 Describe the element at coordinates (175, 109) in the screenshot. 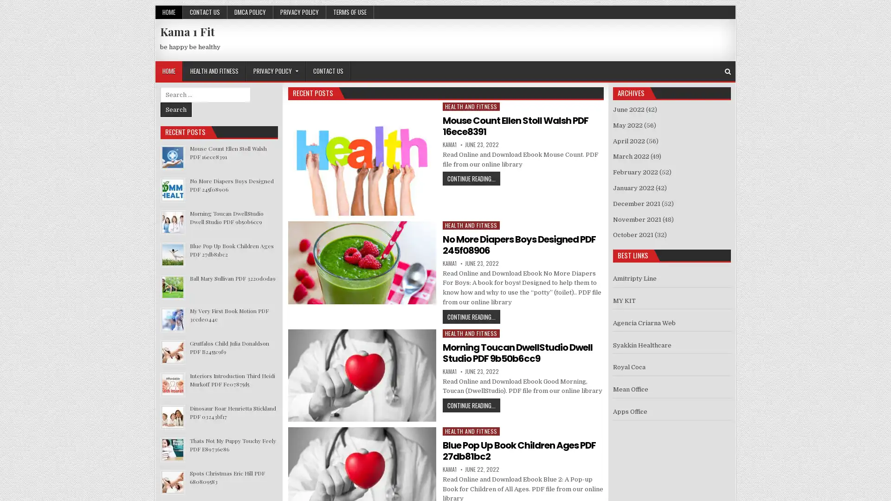

I see `Search` at that location.